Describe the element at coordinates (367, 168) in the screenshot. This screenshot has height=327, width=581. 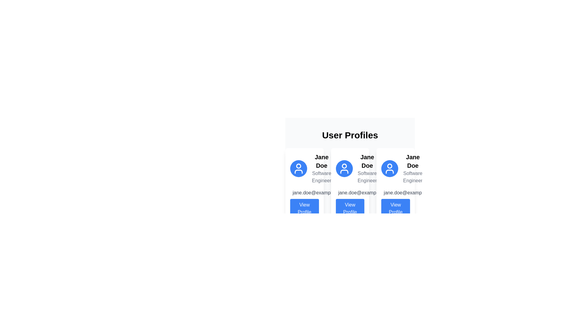
I see `the textual content area displaying the user's name and professional title within the second profile card, located directly under the circular user avatar` at that location.